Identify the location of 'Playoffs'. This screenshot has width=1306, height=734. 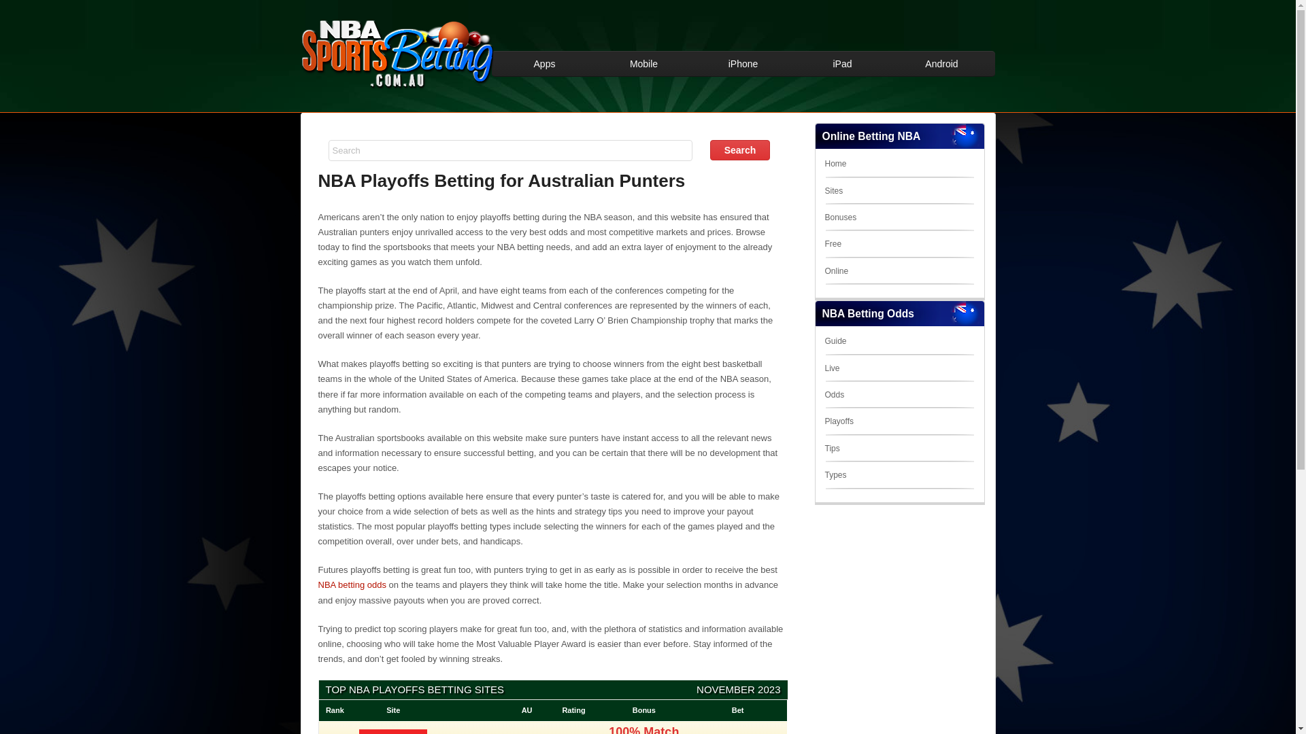
(838, 421).